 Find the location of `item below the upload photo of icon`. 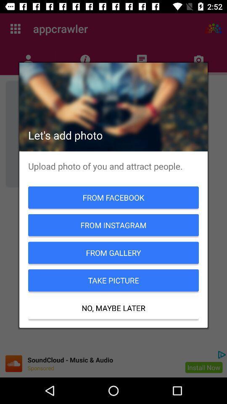

item below the upload photo of icon is located at coordinates (113, 197).